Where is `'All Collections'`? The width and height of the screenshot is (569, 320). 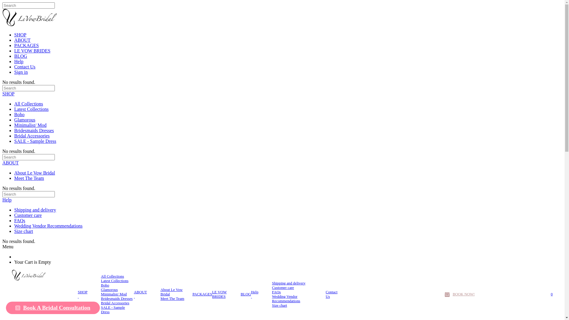 'All Collections' is located at coordinates (112, 276).